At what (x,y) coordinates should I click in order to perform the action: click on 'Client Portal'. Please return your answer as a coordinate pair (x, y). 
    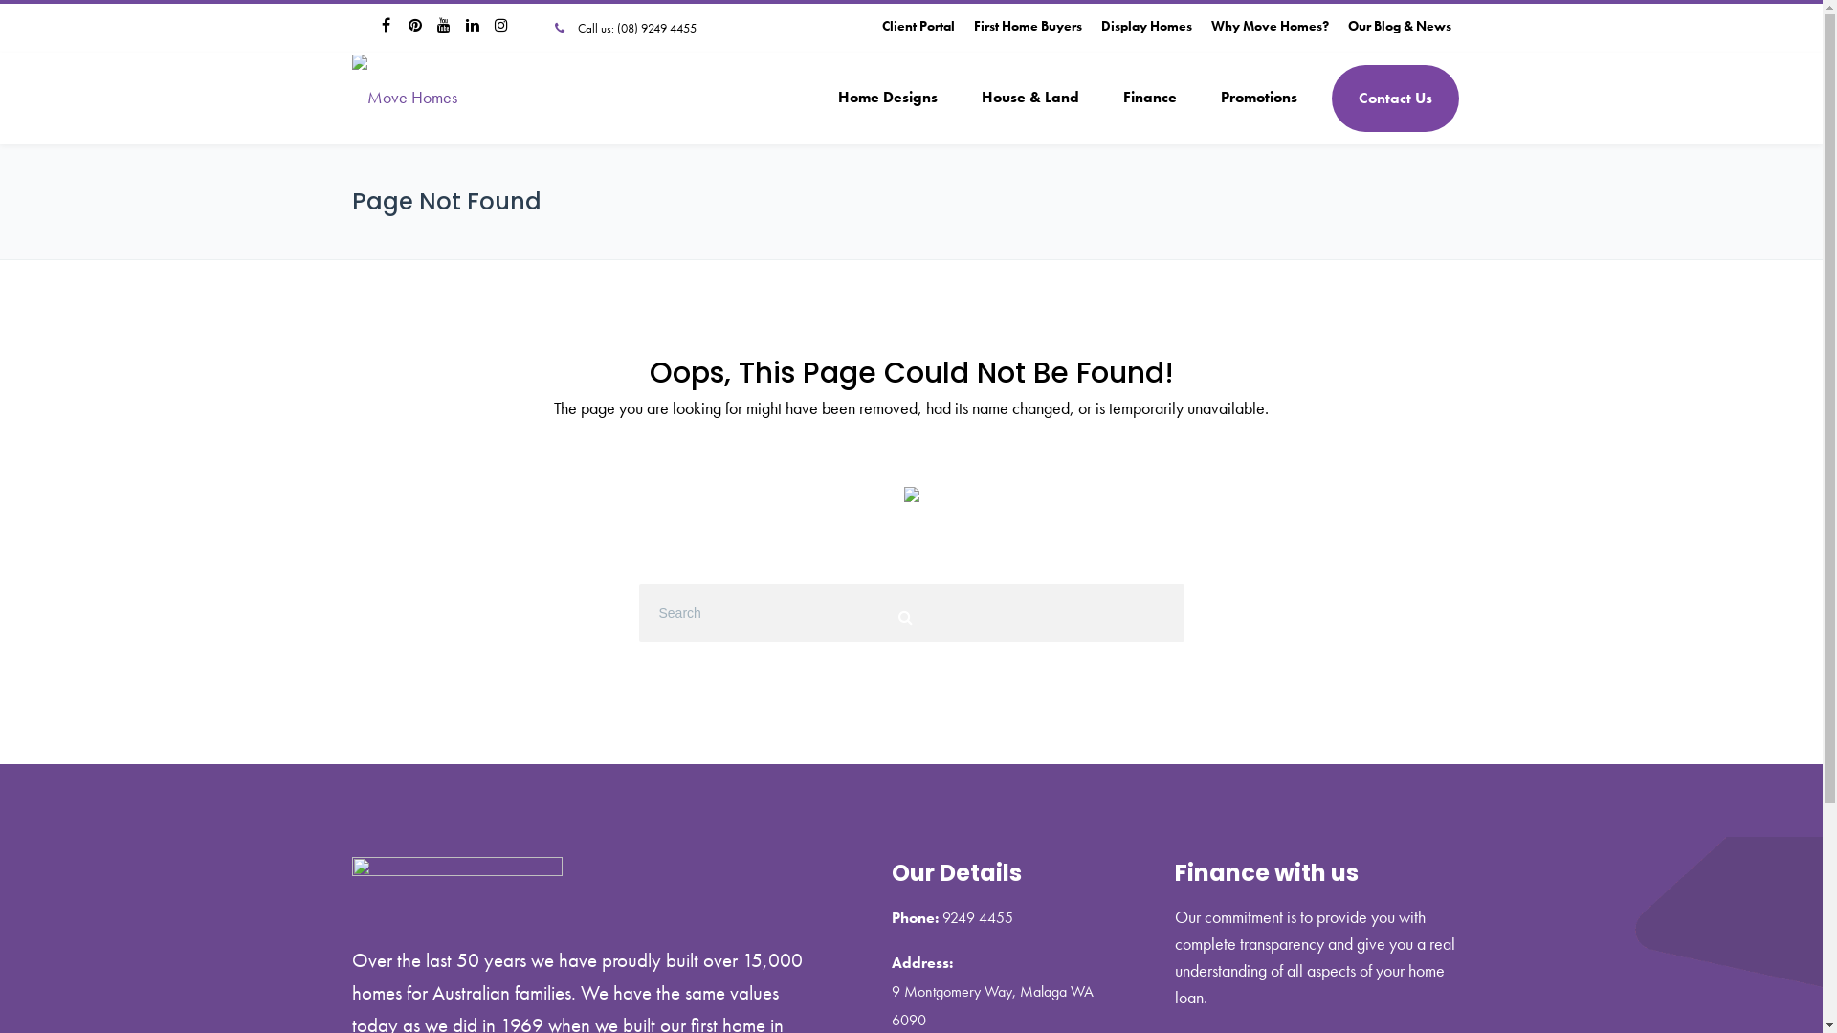
    Looking at the image, I should click on (918, 26).